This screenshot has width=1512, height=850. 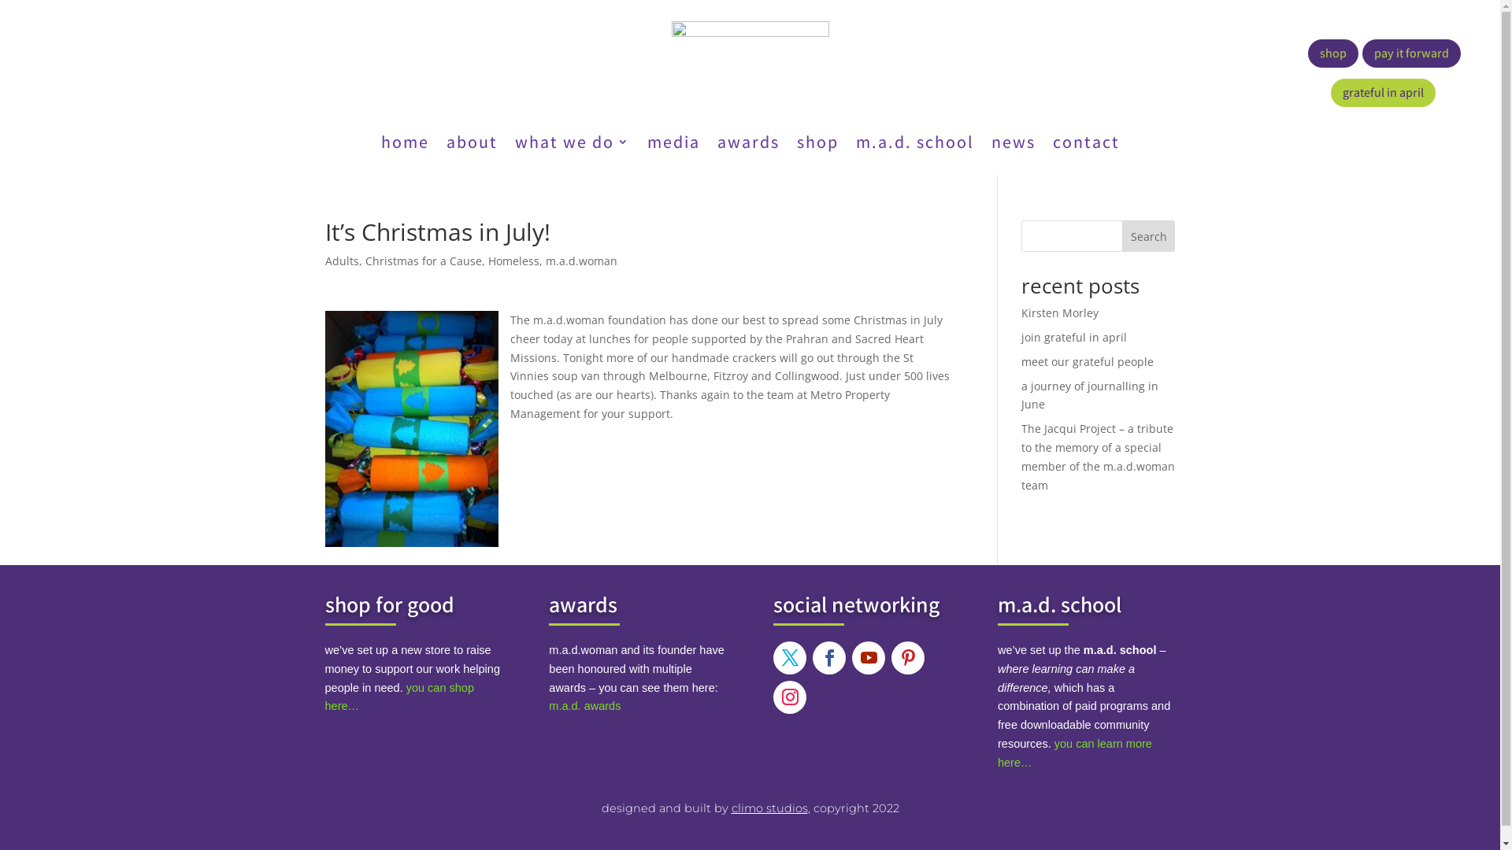 I want to click on 'what we do', so click(x=571, y=145).